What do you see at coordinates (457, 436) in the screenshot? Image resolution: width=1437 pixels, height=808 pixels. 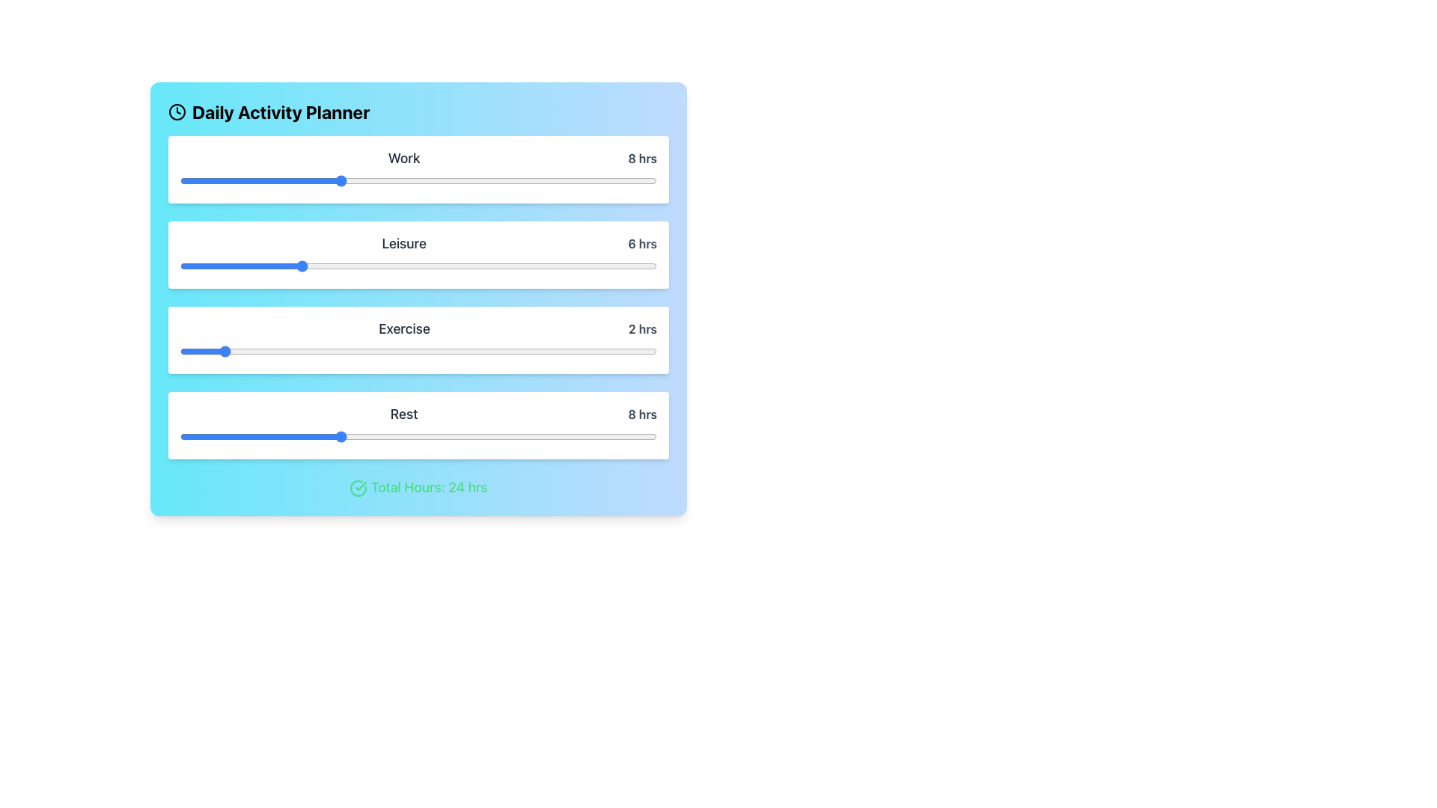 I see `the 'Rest' hours` at bounding box center [457, 436].